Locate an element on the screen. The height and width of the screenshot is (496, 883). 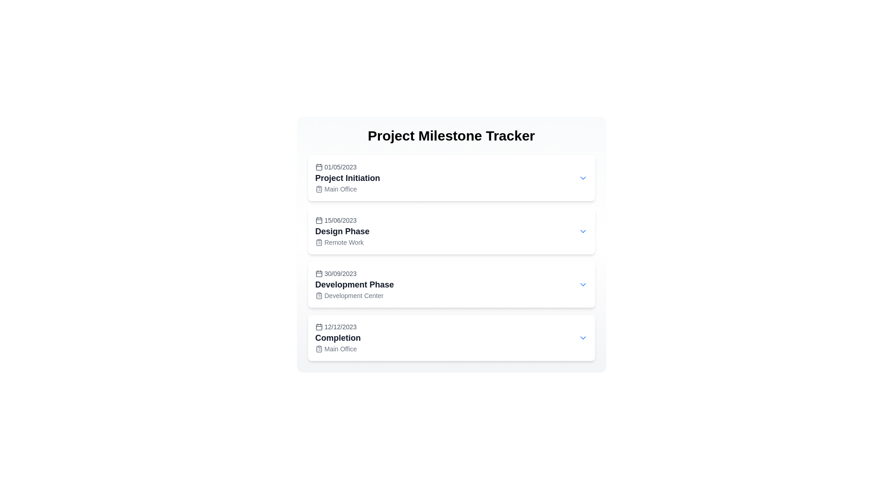
the second milestone in the Project Milestone Tracker, which displays the date '15/06/2023', title 'Design Phase', and detail 'Remote Work' is located at coordinates (451, 231).